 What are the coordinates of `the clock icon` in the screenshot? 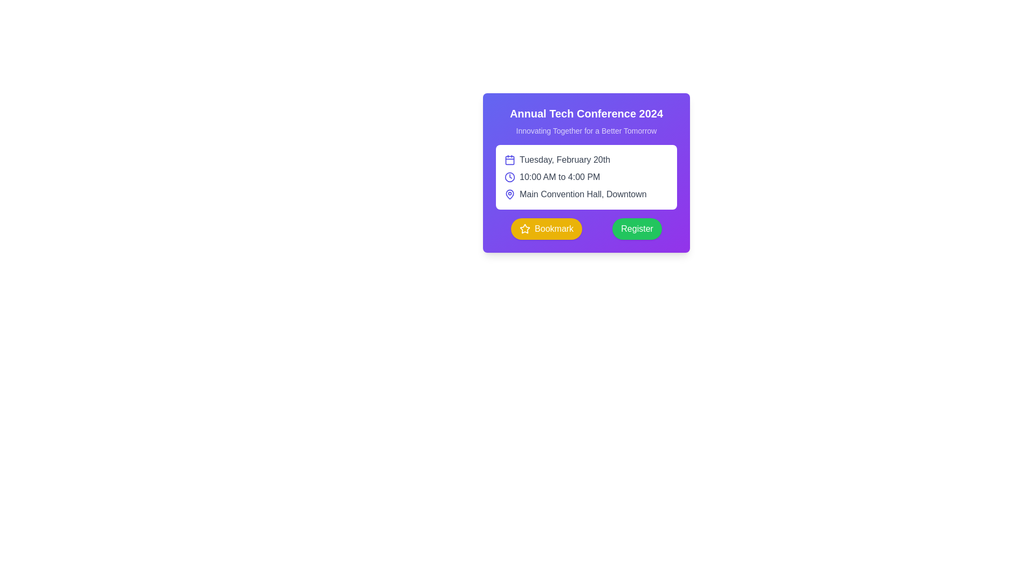 It's located at (509, 176).